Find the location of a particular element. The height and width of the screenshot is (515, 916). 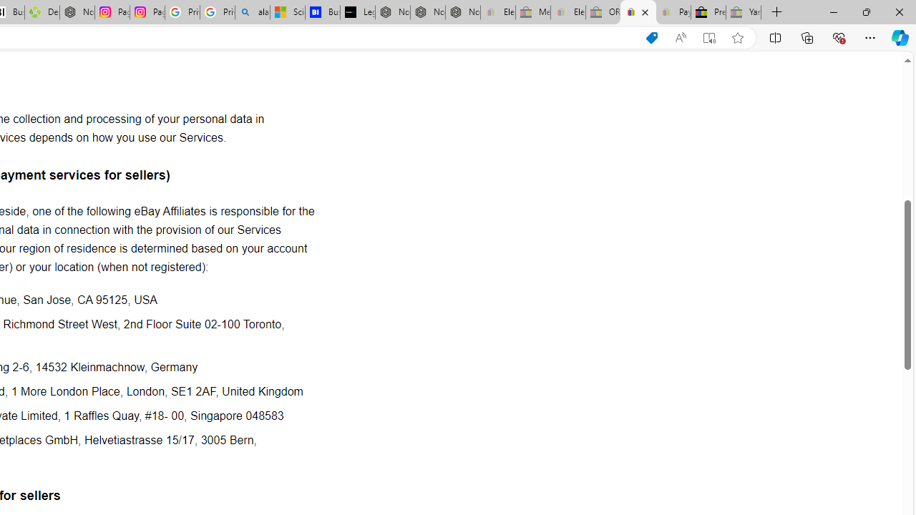

'Descarga Driver Updater' is located at coordinates (42, 12).